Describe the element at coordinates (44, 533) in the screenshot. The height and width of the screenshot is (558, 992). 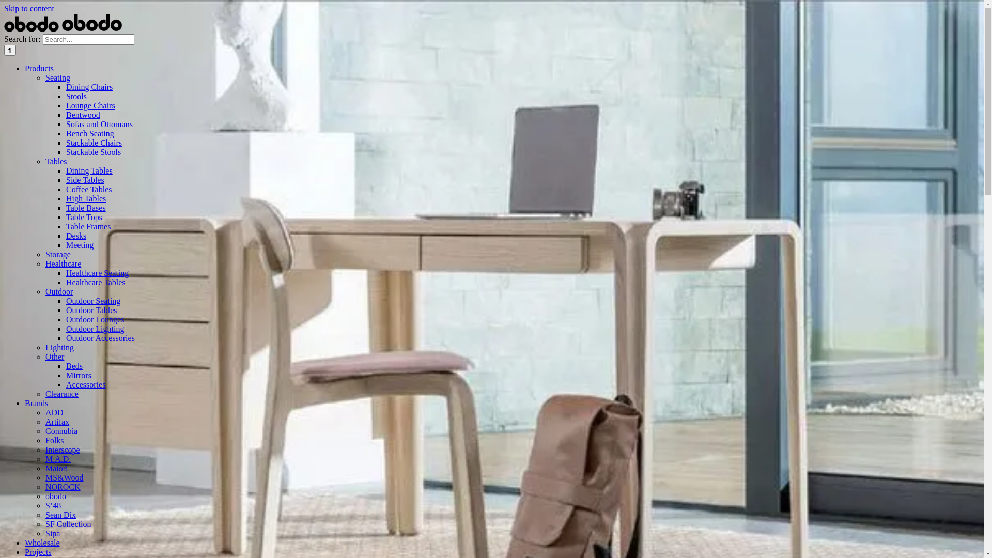
I see `'Sipa'` at that location.